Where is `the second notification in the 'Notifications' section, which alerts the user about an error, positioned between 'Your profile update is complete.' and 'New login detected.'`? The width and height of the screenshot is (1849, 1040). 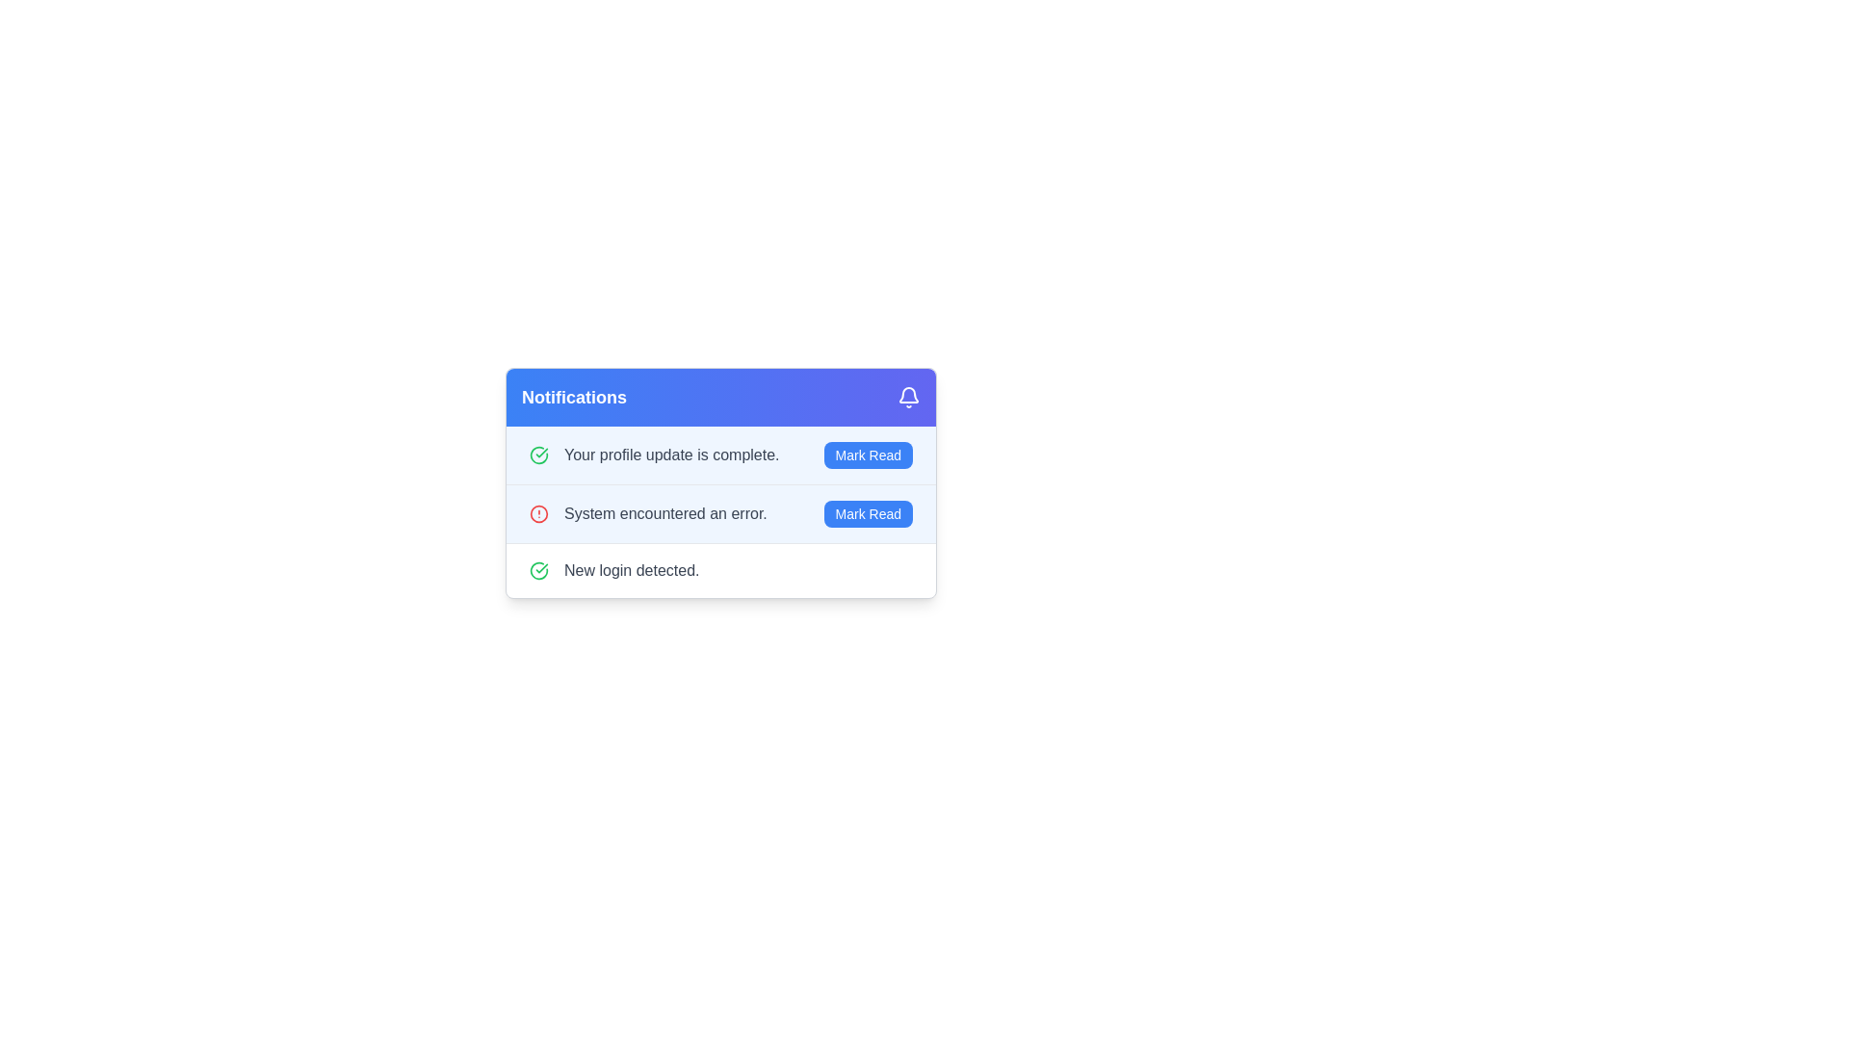
the second notification in the 'Notifications' section, which alerts the user about an error, positioned between 'Your profile update is complete.' and 'New login detected.' is located at coordinates (648, 512).